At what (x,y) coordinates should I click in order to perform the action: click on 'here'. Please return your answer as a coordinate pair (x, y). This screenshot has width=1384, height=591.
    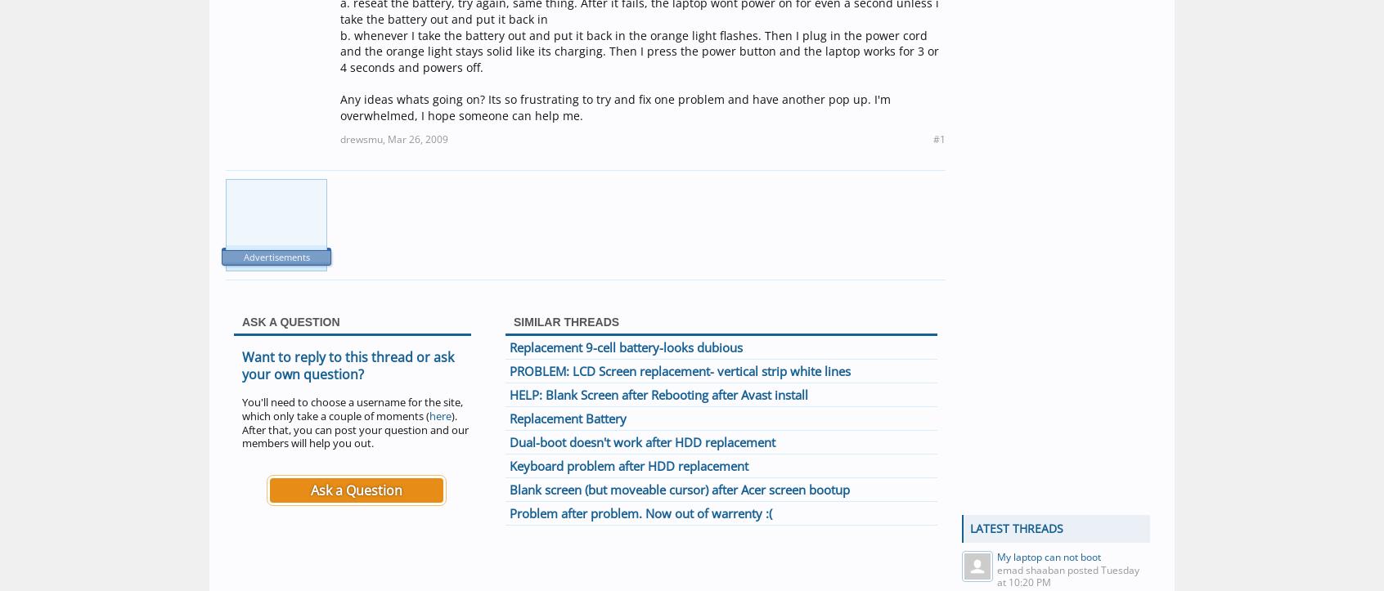
    Looking at the image, I should click on (440, 414).